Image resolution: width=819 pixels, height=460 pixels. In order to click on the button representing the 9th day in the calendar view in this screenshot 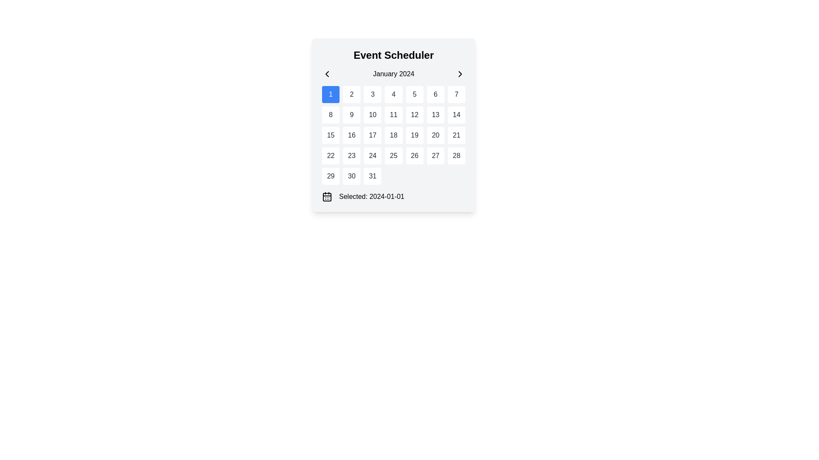, I will do `click(351, 115)`.